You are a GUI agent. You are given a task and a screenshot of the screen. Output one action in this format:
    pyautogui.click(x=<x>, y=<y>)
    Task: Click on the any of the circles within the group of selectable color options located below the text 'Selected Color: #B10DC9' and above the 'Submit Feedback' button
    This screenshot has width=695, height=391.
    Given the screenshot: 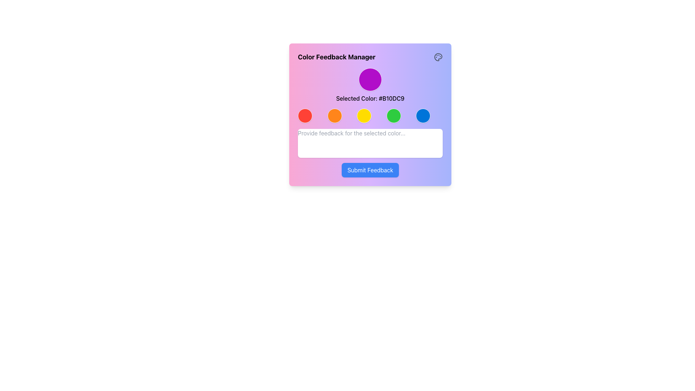 What is the action you would take?
    pyautogui.click(x=370, y=115)
    